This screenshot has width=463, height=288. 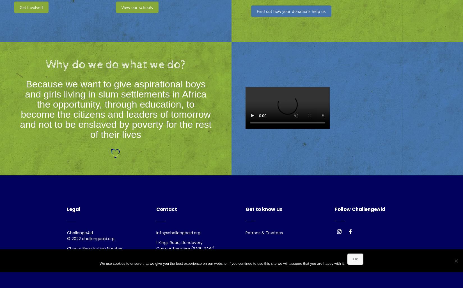 What do you see at coordinates (67, 233) in the screenshot?
I see `'ChallengeAid'` at bounding box center [67, 233].